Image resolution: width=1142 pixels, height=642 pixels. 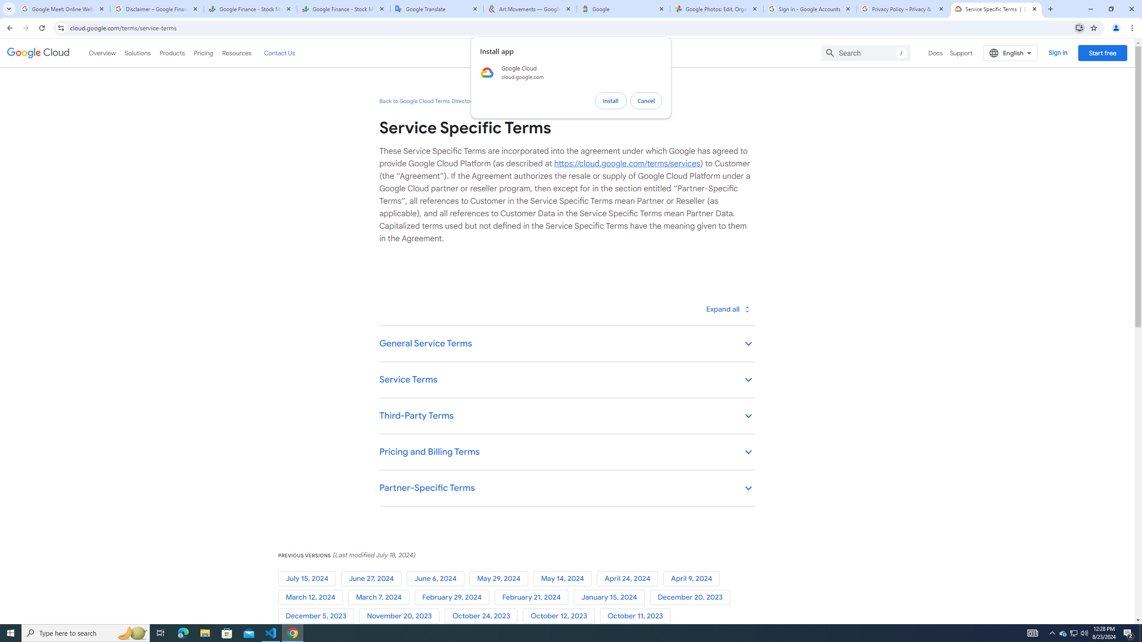 What do you see at coordinates (318, 616) in the screenshot?
I see `'December 5, 2023'` at bounding box center [318, 616].